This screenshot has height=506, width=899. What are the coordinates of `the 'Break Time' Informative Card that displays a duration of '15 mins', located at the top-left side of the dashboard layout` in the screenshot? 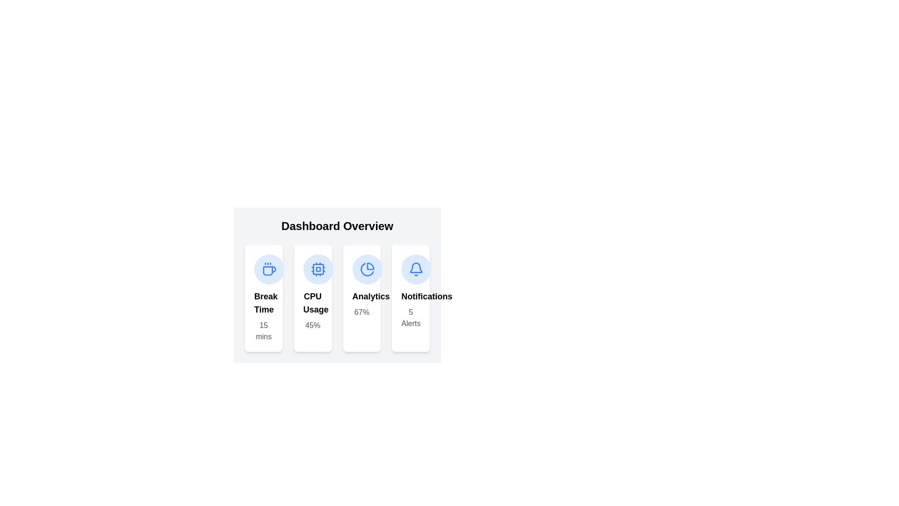 It's located at (263, 298).